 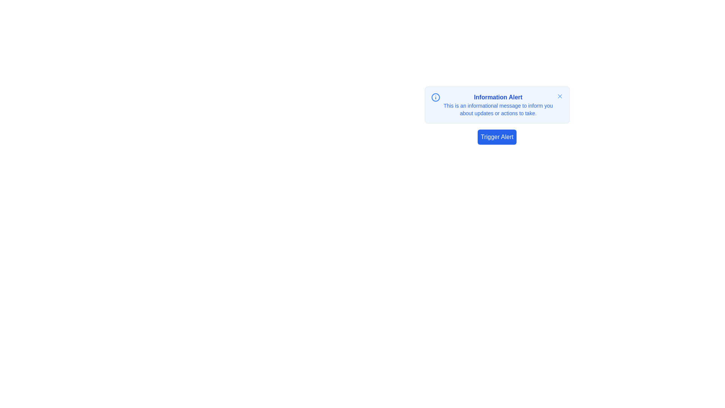 What do you see at coordinates (498, 105) in the screenshot?
I see `the Informational message box, which is a centrally located alert with a rounded light blue background, containing an icon and a close button` at bounding box center [498, 105].